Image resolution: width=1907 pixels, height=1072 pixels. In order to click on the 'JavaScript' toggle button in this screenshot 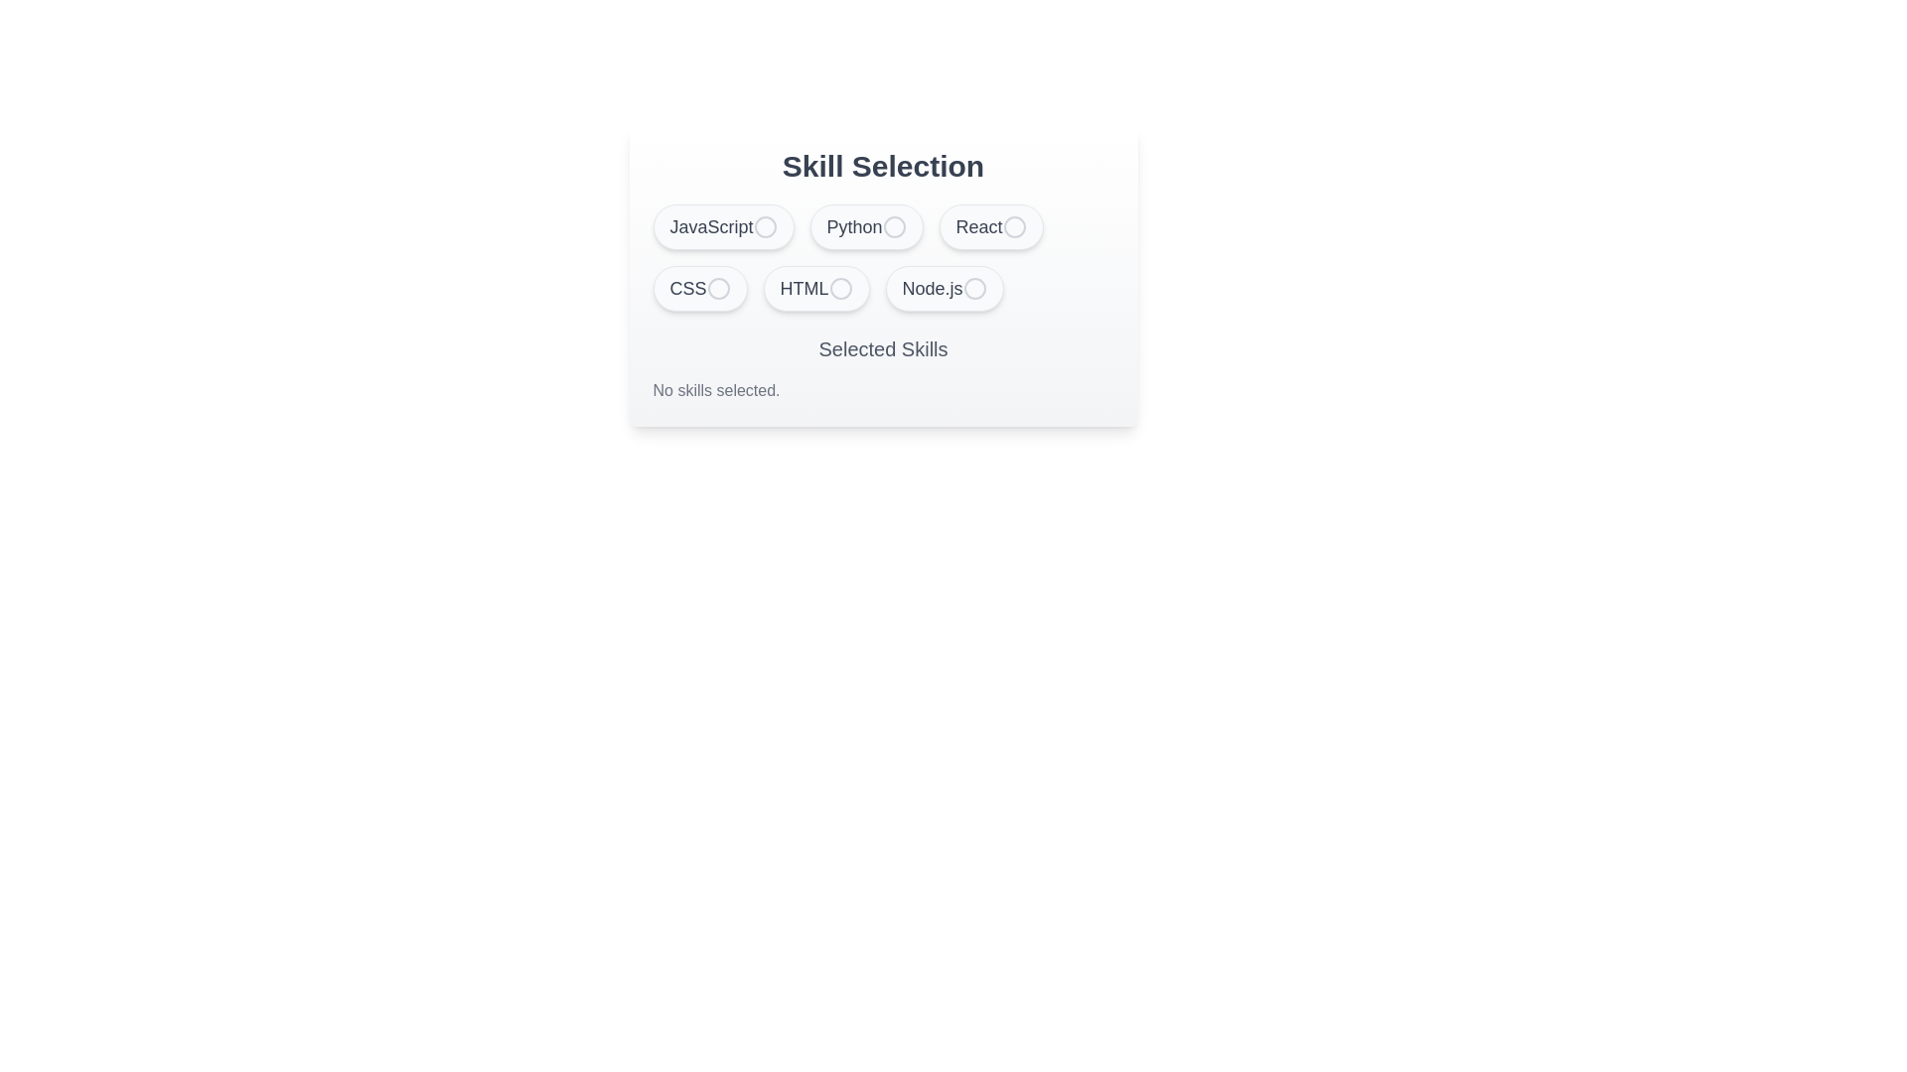, I will do `click(722, 225)`.